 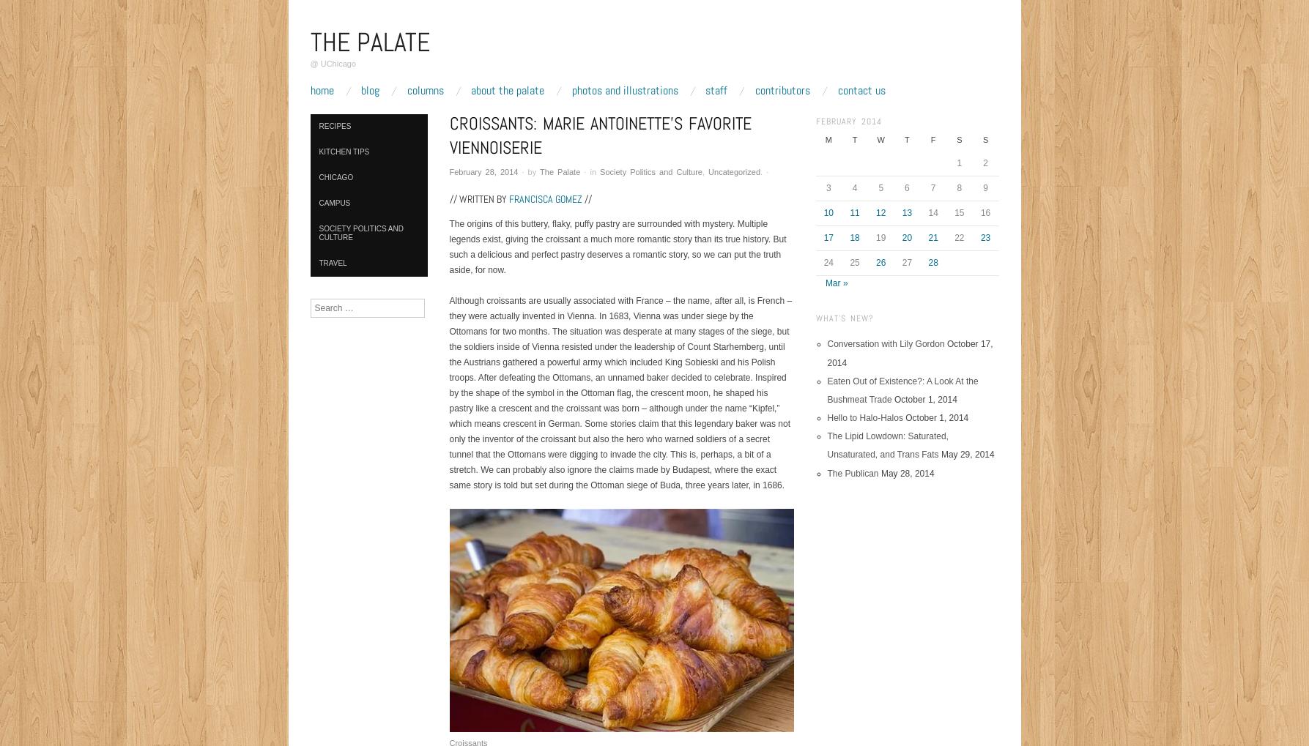 I want to click on '15', so click(x=954, y=212).